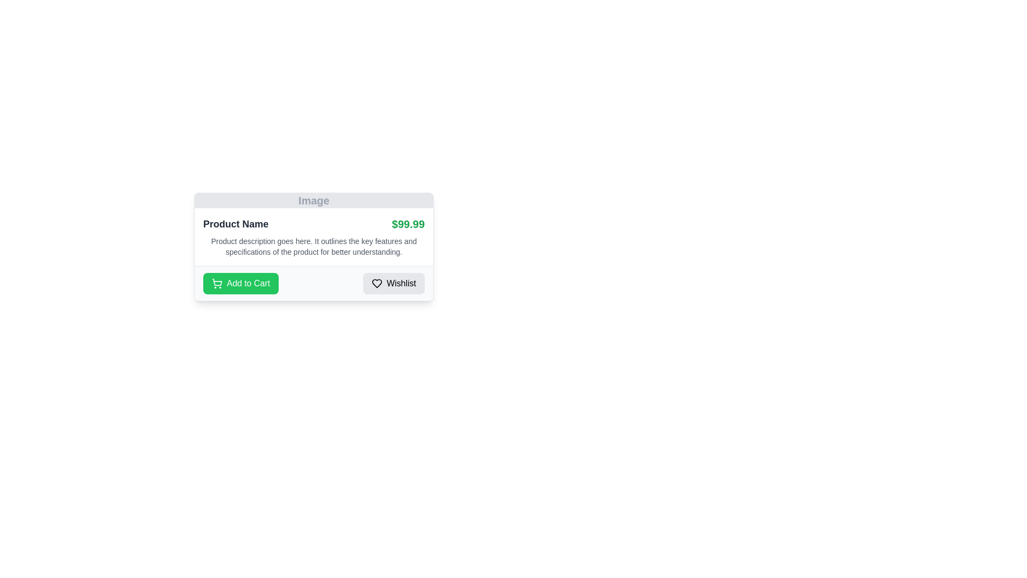  Describe the element at coordinates (248, 283) in the screenshot. I see `the text label that indicates 'Add to Cart' action, which is positioned in the bottom left of the product detail section, next to the grey 'Wishlist' button` at that location.